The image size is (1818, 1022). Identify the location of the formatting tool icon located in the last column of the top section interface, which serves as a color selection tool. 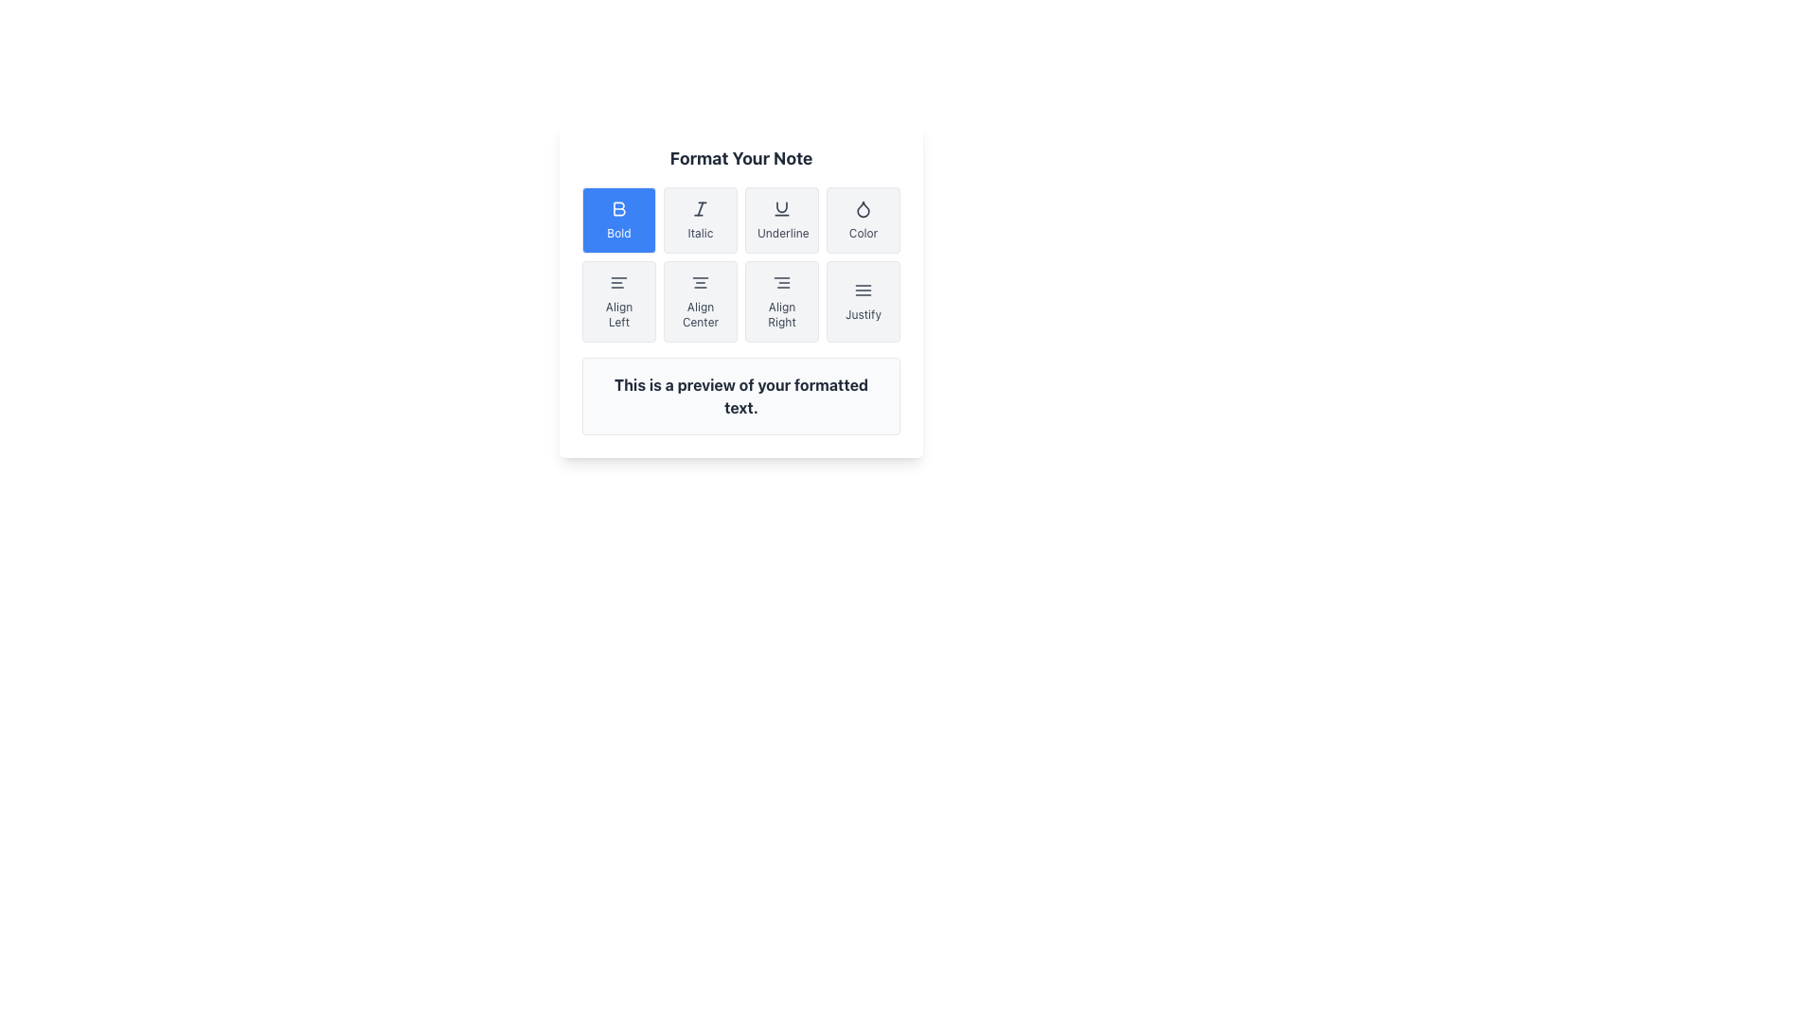
(863, 208).